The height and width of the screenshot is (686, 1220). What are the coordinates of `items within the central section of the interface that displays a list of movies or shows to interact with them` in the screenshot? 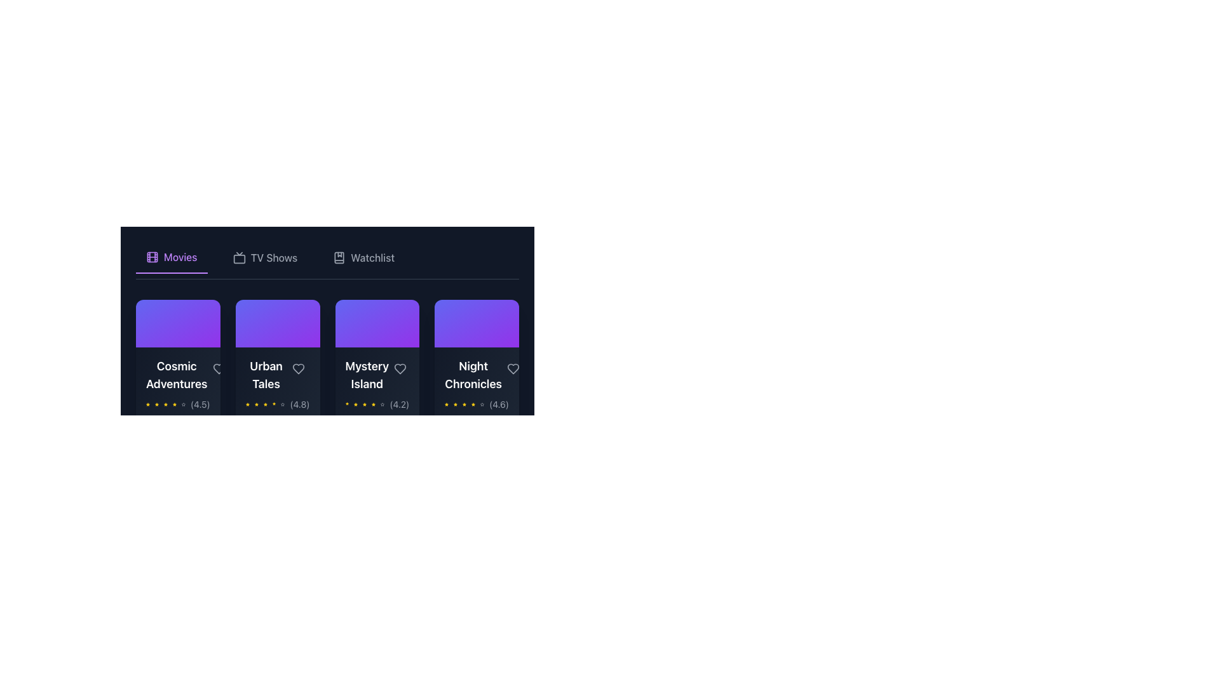 It's located at (327, 313).